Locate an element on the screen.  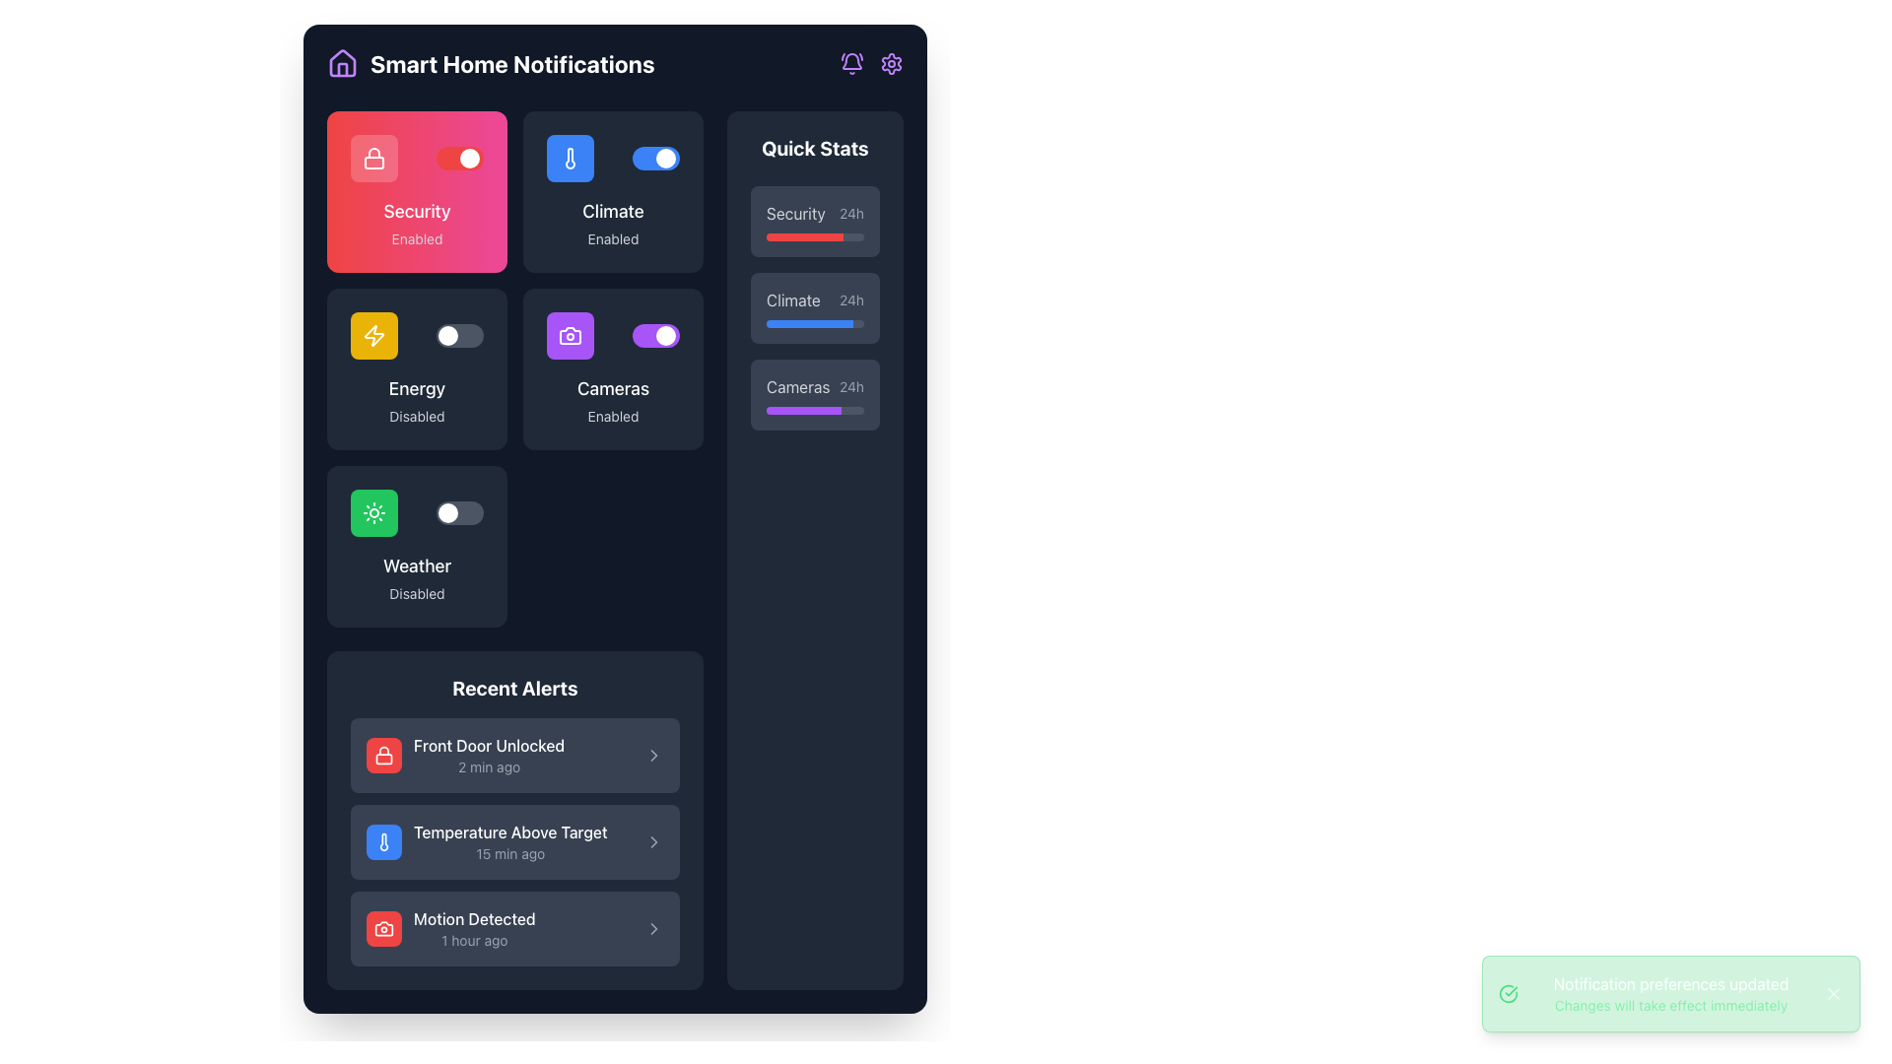
the toggle switch in the 'Cameras' feature group to change its state is located at coordinates (612, 334).